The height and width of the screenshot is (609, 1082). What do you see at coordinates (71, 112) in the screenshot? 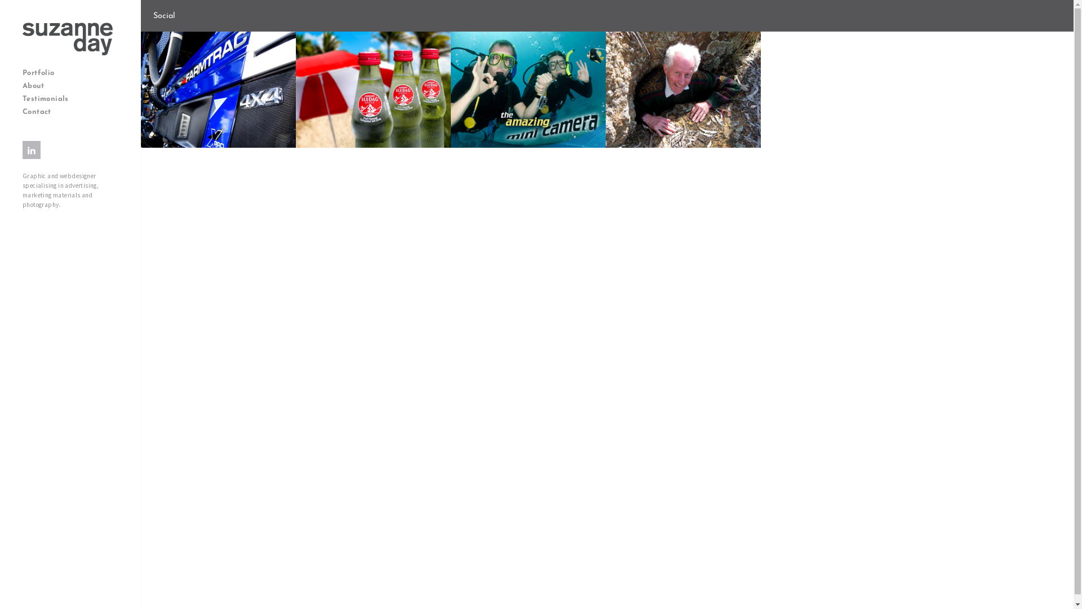
I see `'Contact'` at bounding box center [71, 112].